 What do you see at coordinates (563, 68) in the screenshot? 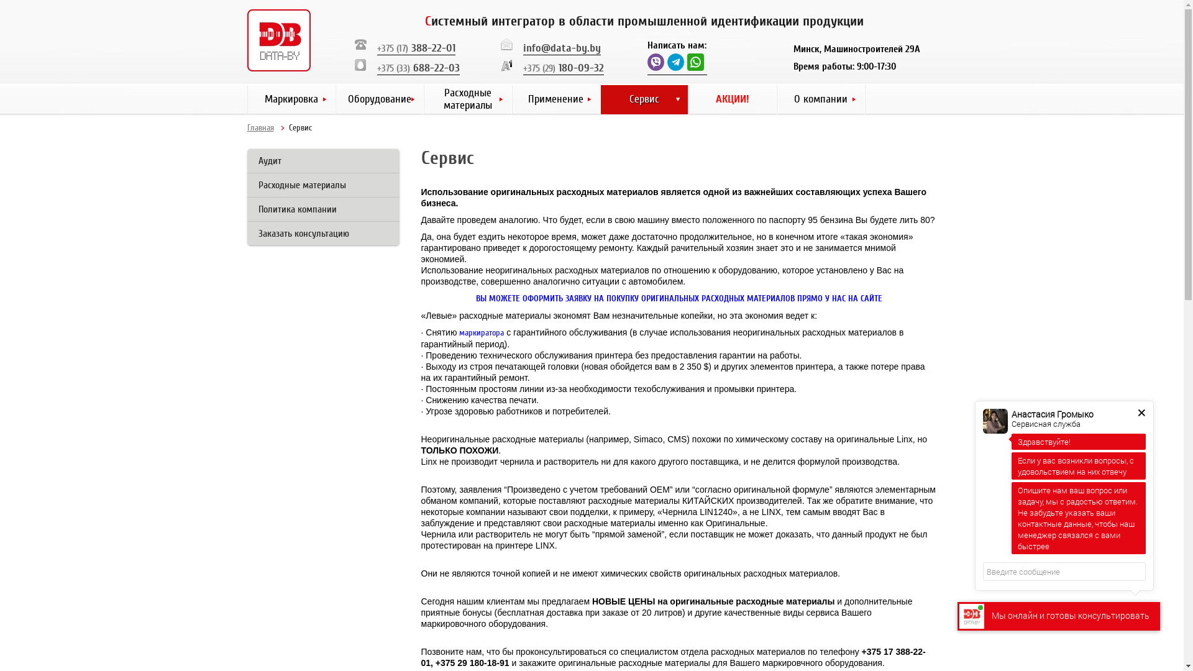
I see `'+375 (29) 180-09-32'` at bounding box center [563, 68].